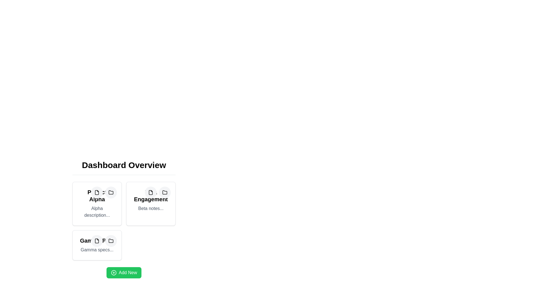 The width and height of the screenshot is (541, 304). Describe the element at coordinates (124, 272) in the screenshot. I see `the 'Add New' button with a green background and white text` at that location.